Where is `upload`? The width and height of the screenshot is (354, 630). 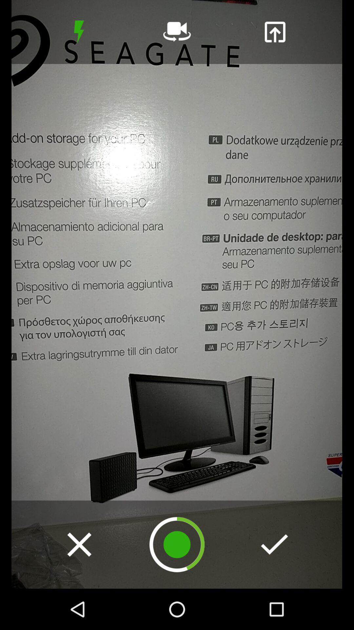
upload is located at coordinates (275, 31).